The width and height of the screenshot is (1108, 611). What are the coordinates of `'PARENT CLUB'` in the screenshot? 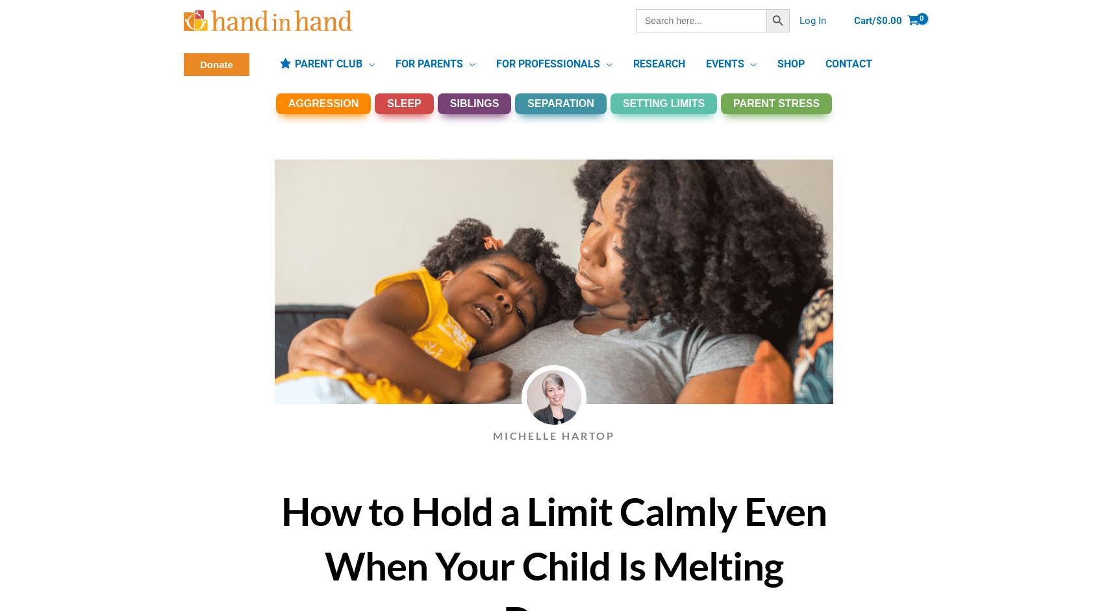 It's located at (327, 64).